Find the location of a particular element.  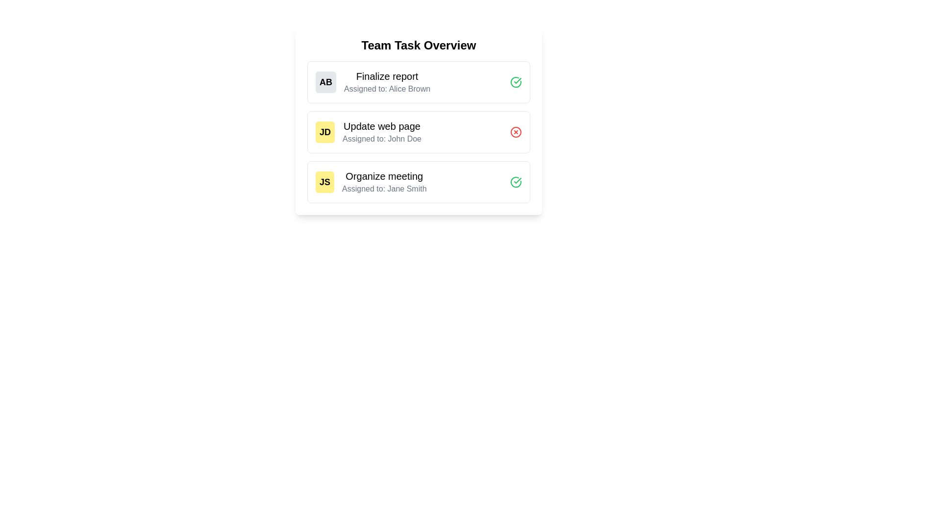

the text display block that provides task details in the 'Team Task Overview' panel is located at coordinates (387, 82).